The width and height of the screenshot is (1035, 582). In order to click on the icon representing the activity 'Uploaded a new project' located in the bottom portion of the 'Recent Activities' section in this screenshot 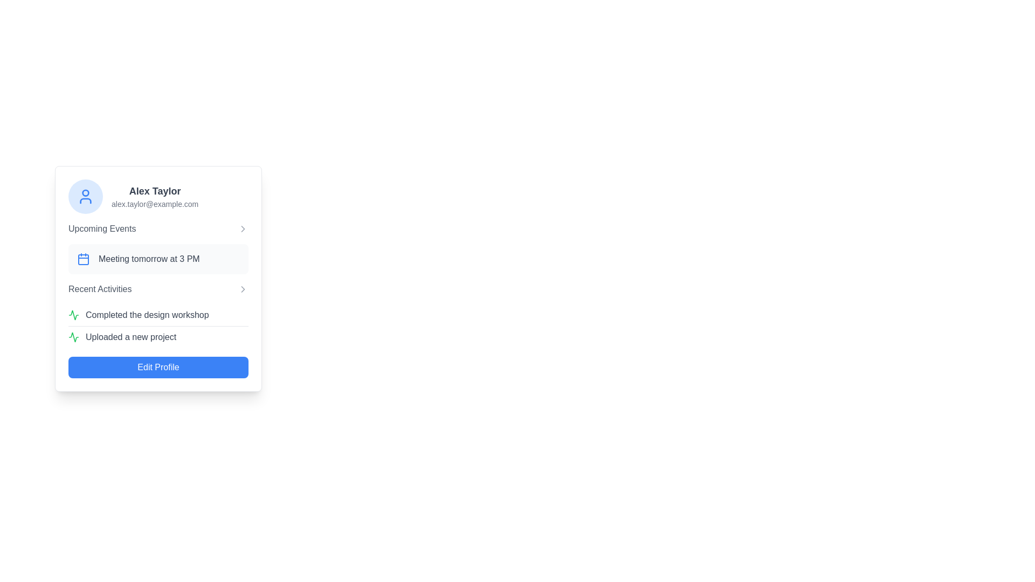, I will do `click(73, 315)`.